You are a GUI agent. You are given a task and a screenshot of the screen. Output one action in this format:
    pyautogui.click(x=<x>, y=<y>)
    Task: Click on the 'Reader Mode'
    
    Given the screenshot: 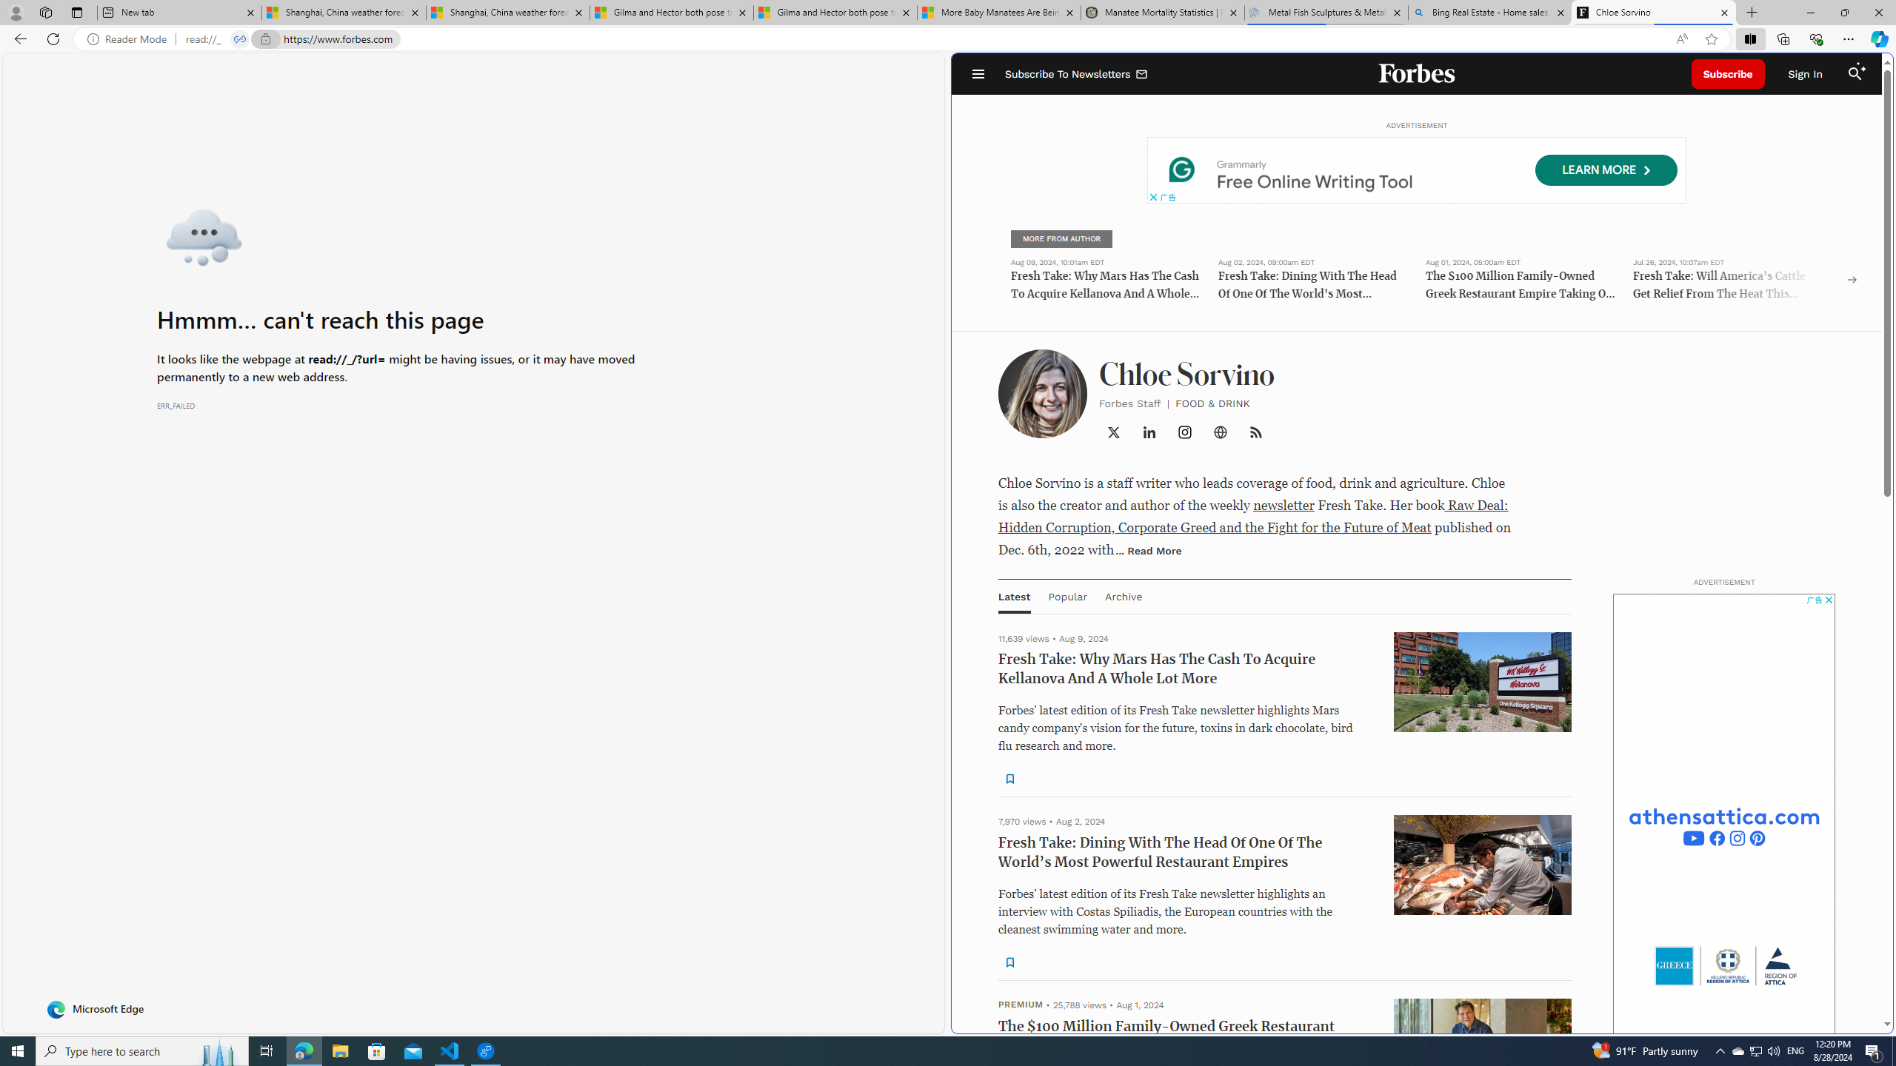 What is the action you would take?
    pyautogui.click(x=130, y=39)
    